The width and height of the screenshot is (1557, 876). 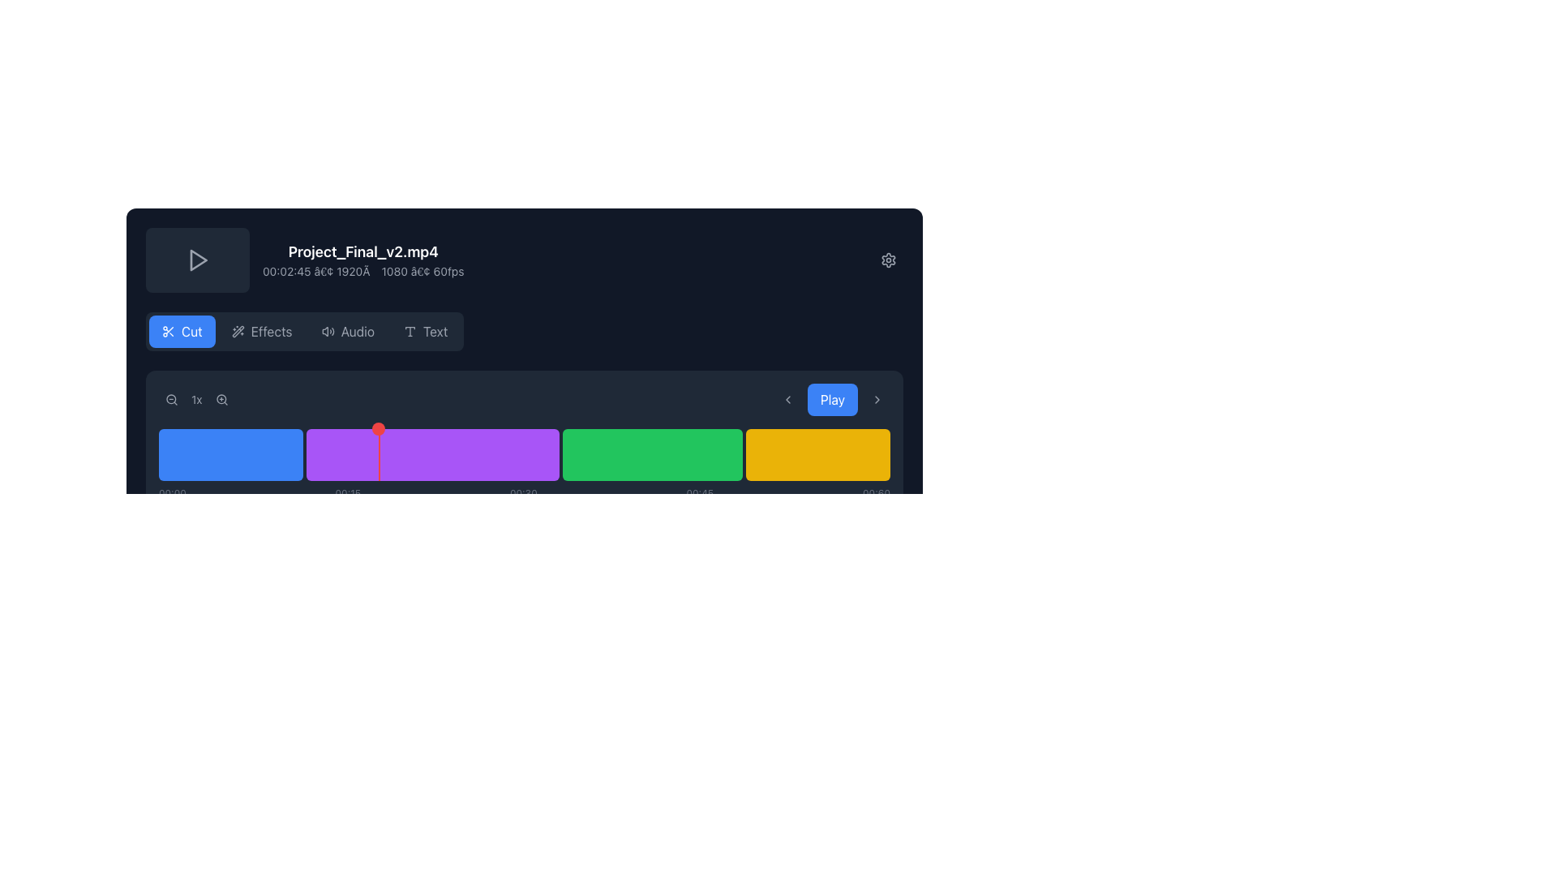 I want to click on the small interactive button with a gray background and rounded edges, located above the rightmost yellow segment in the timeline section, so click(x=770, y=417).